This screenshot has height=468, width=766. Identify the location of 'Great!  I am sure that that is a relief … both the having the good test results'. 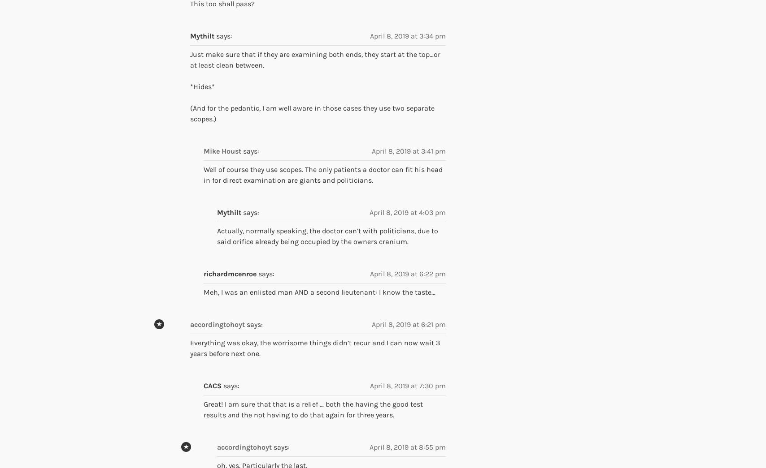
(313, 409).